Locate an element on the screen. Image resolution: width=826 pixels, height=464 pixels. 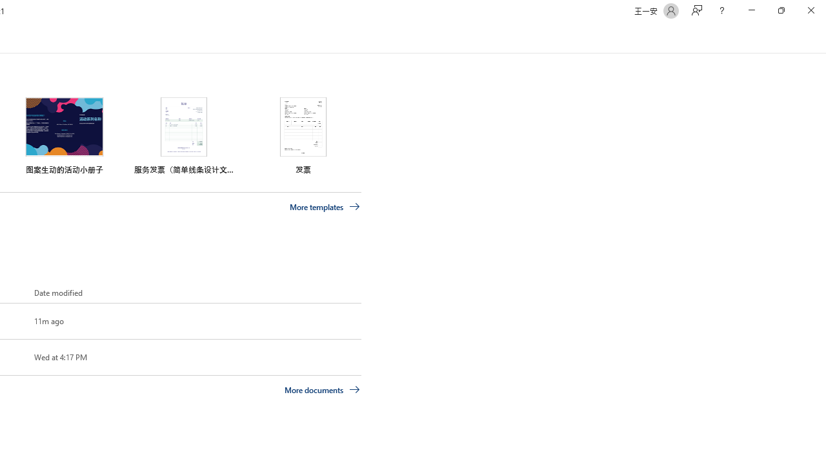
'More documents' is located at coordinates (322, 389).